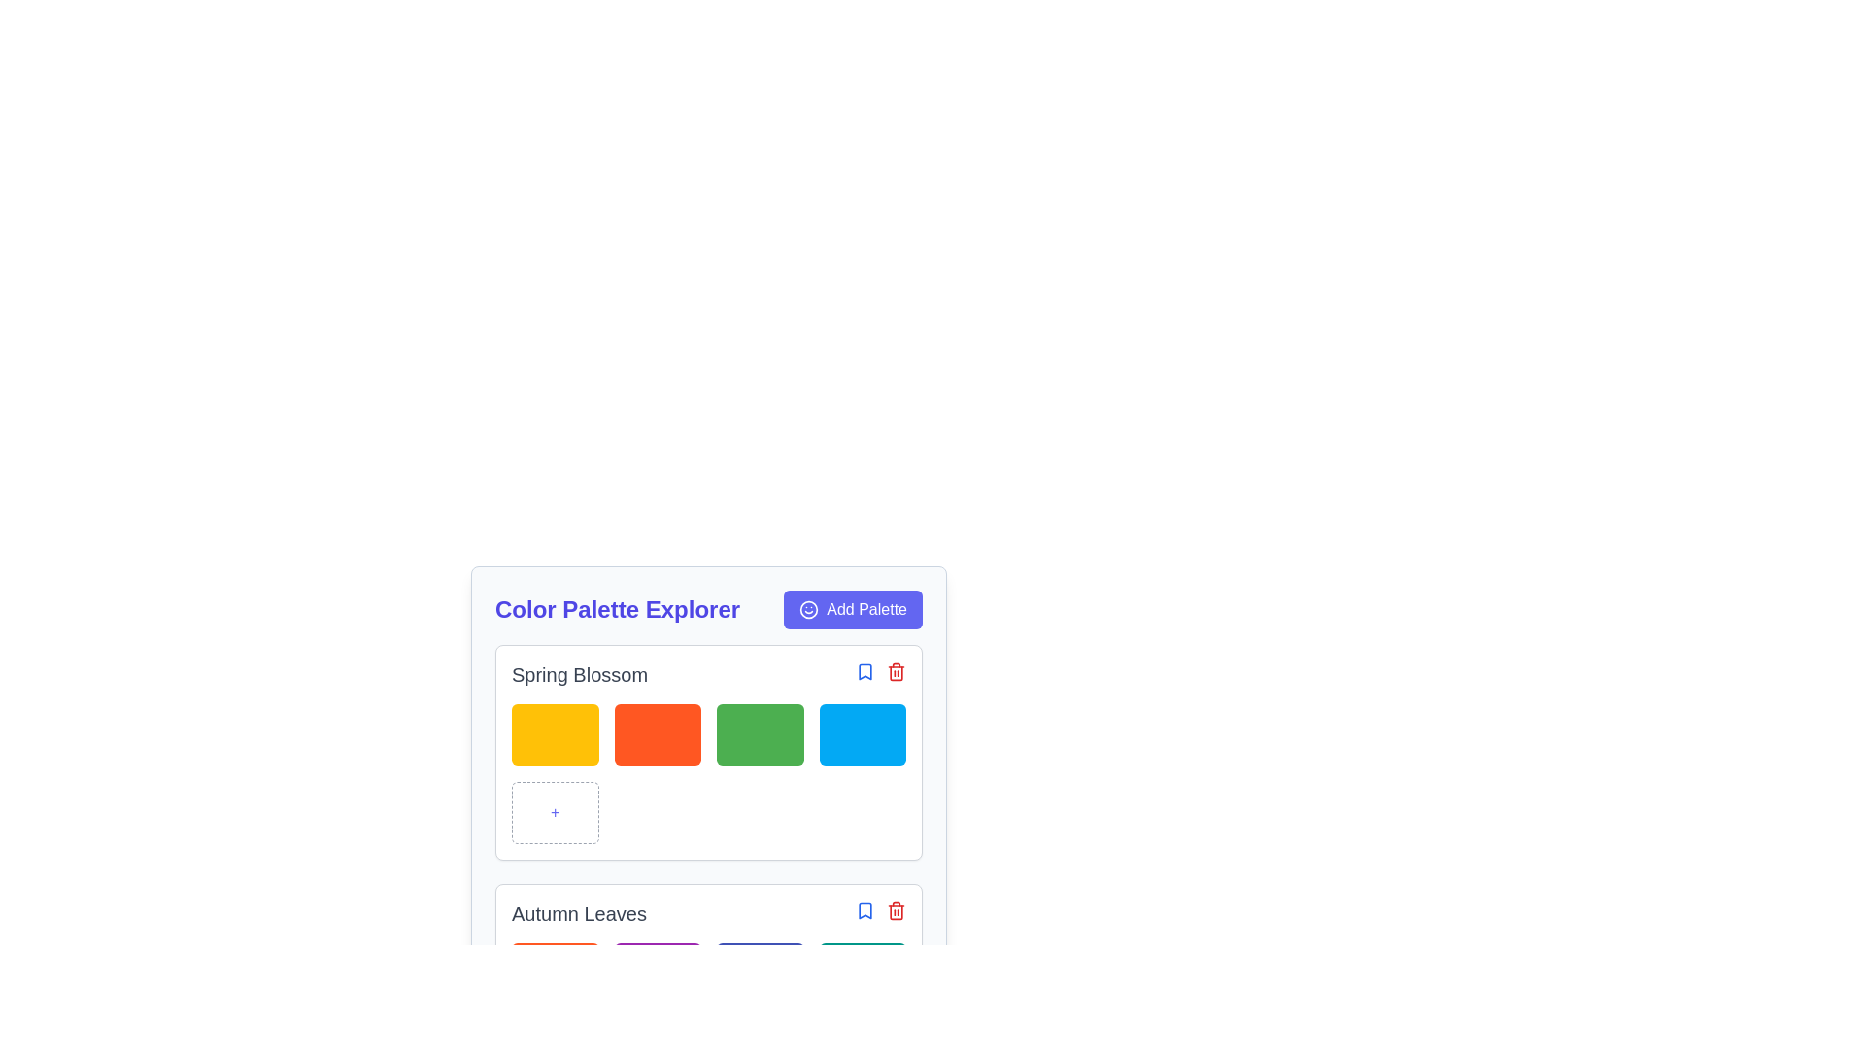  I want to click on the red trash can icon located at the rightmost side of the 'Spring Blossom' color palette section, so click(880, 673).